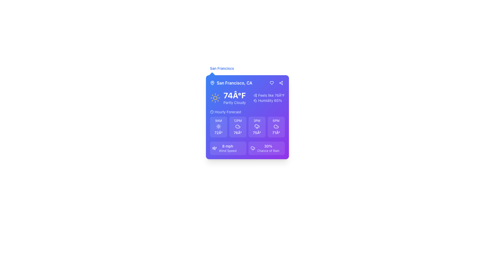 The width and height of the screenshot is (498, 280). Describe the element at coordinates (212, 112) in the screenshot. I see `the time icon located to the left of the 'Hourly Forecast' text in the upper middle portion of the interface` at that location.